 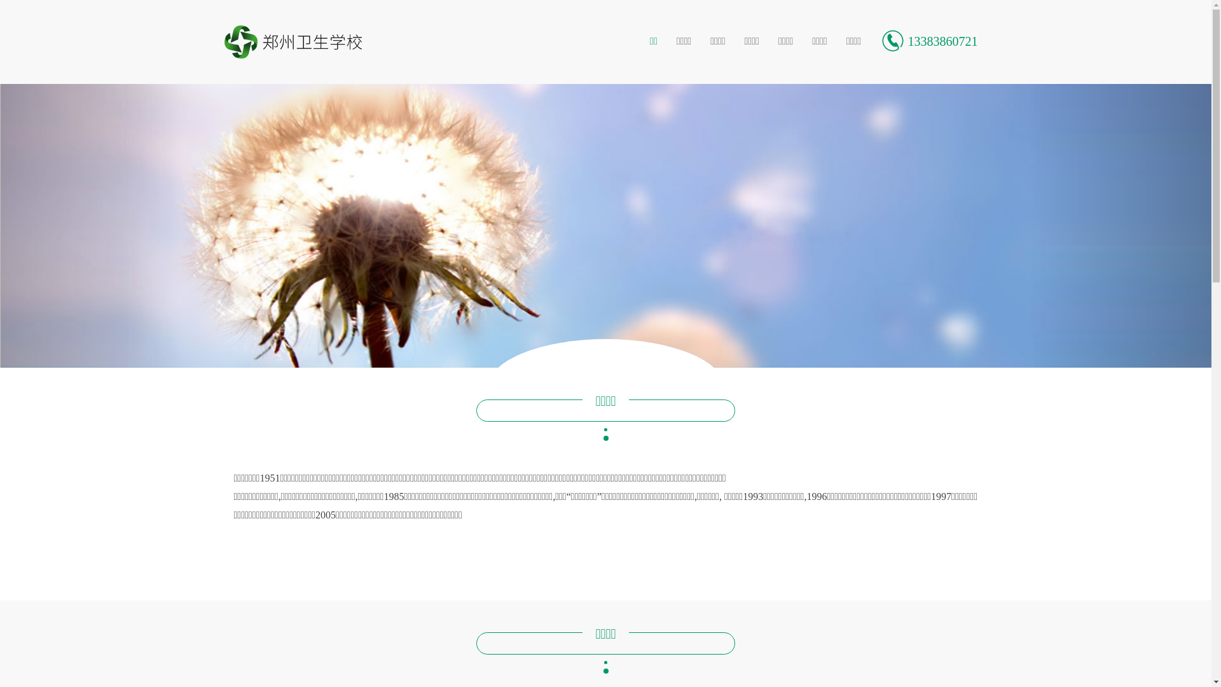 I want to click on '13383860721', so click(x=928, y=41).